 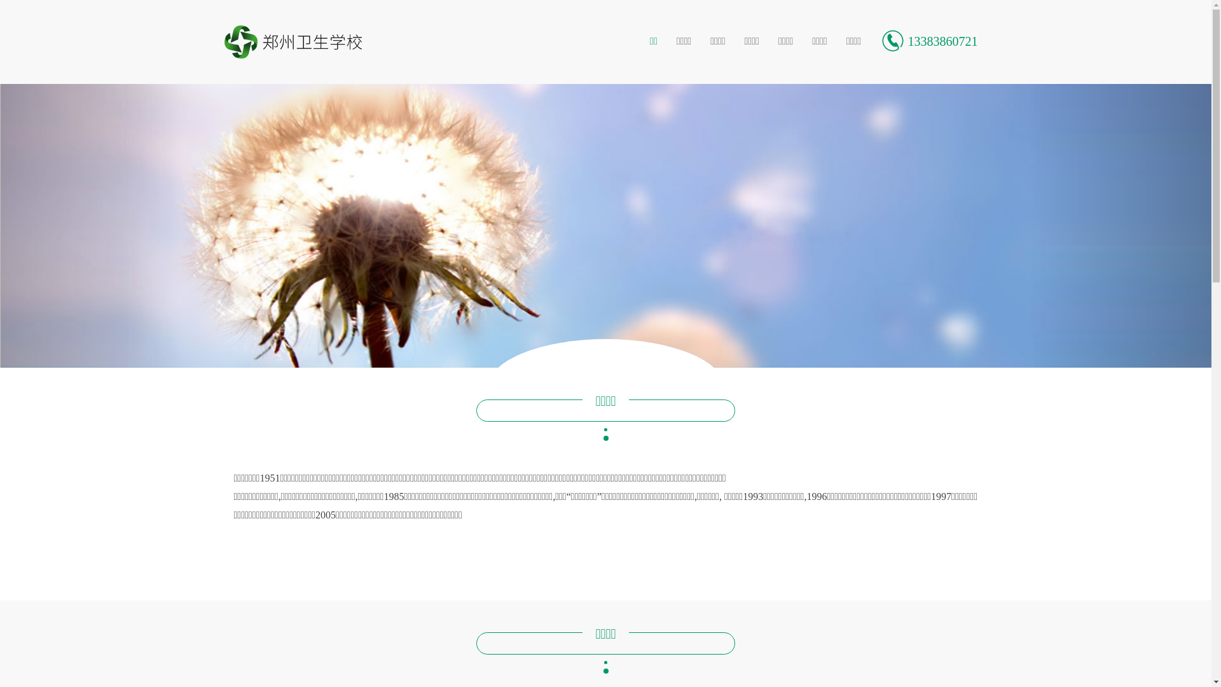 I want to click on '13383860721', so click(x=928, y=41).